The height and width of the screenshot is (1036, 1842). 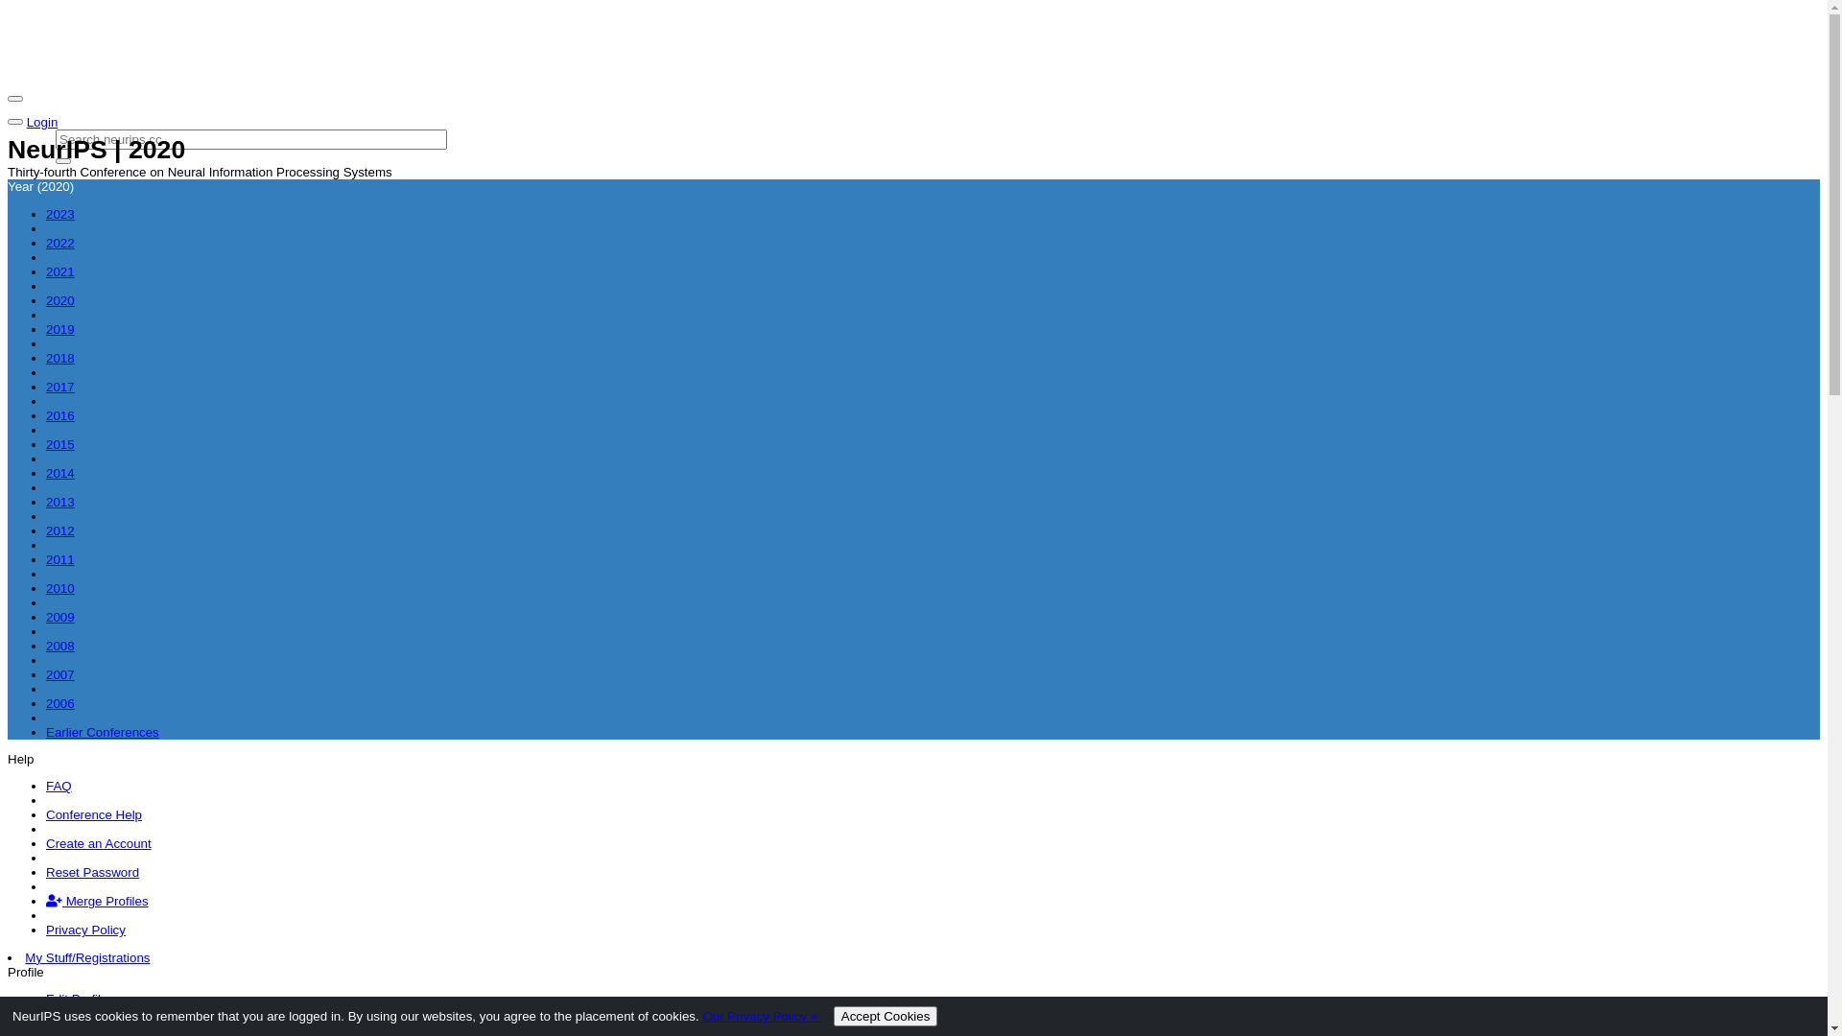 I want to click on '2021', so click(x=46, y=271).